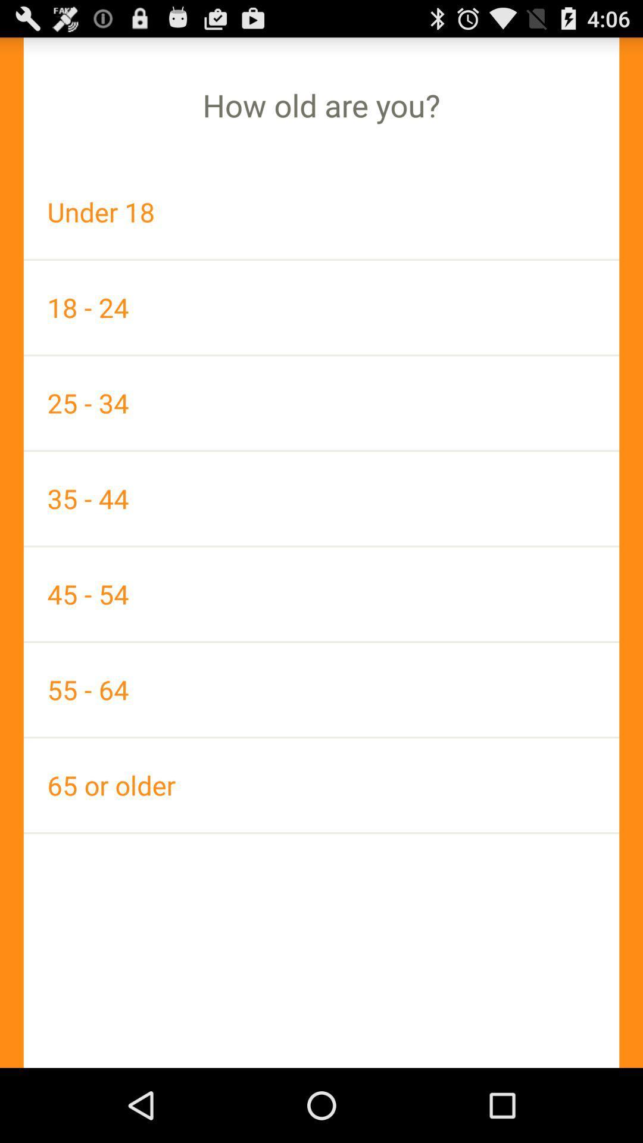 This screenshot has height=1143, width=643. What do you see at coordinates (321, 212) in the screenshot?
I see `icon above 18 - 24 app` at bounding box center [321, 212].